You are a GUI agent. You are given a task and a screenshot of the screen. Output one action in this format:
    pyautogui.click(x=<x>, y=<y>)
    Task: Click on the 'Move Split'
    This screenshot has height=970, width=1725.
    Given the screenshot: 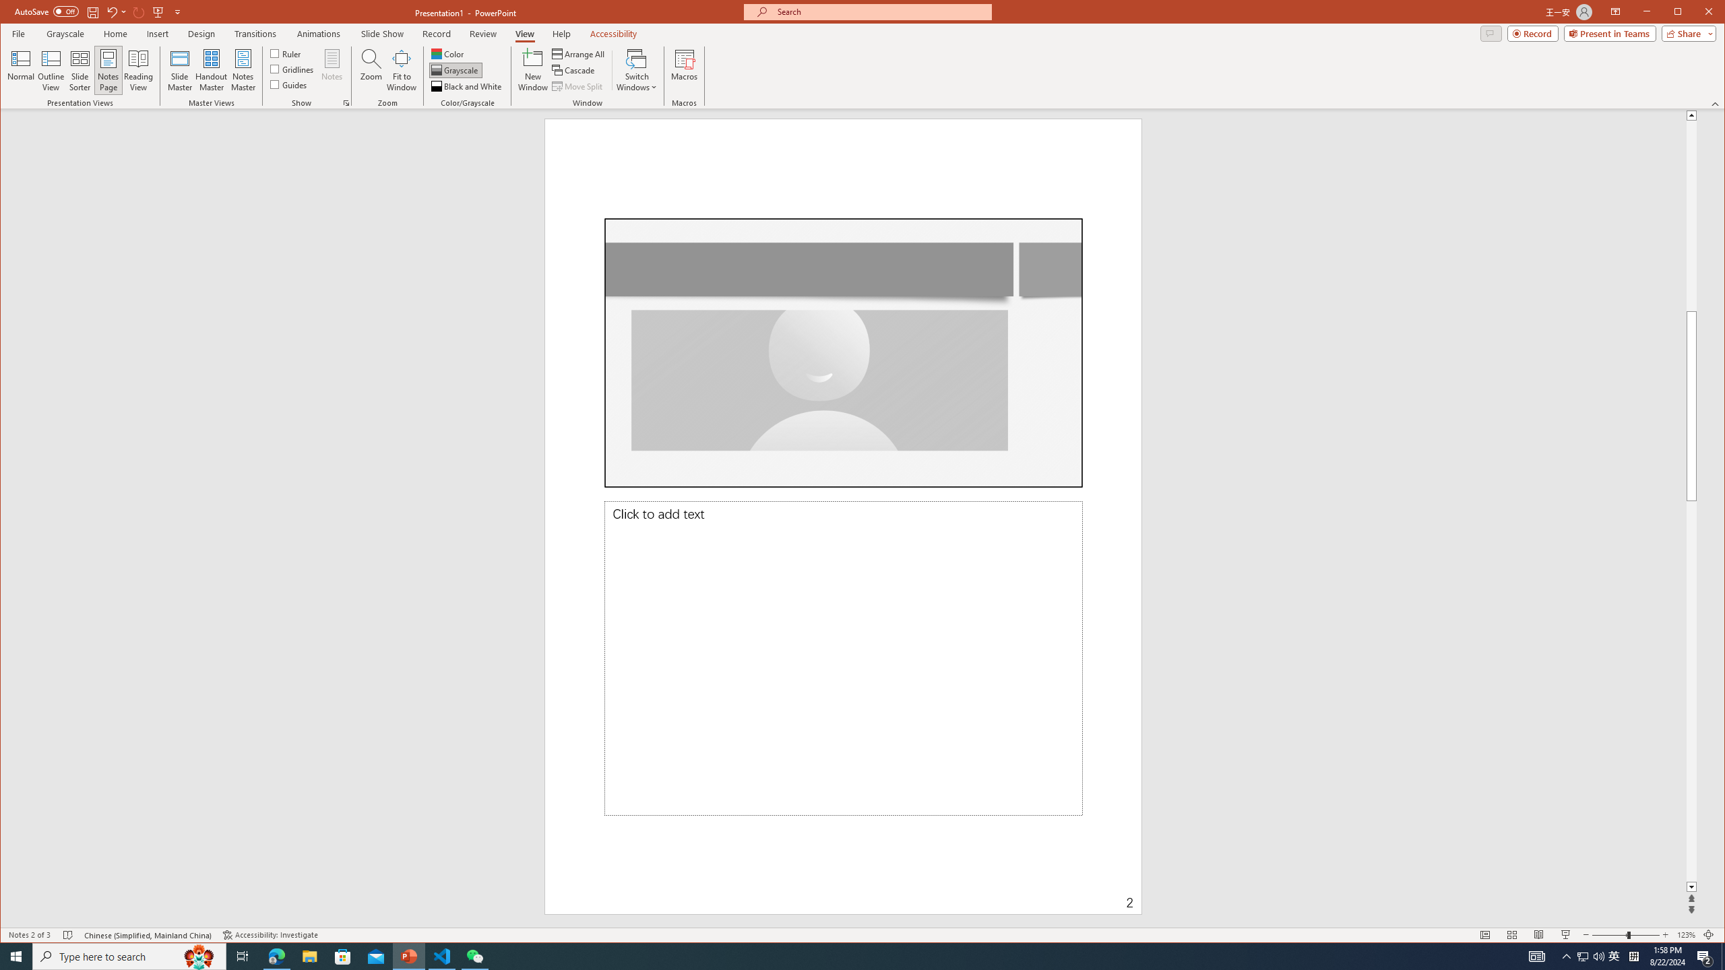 What is the action you would take?
    pyautogui.click(x=577, y=86)
    